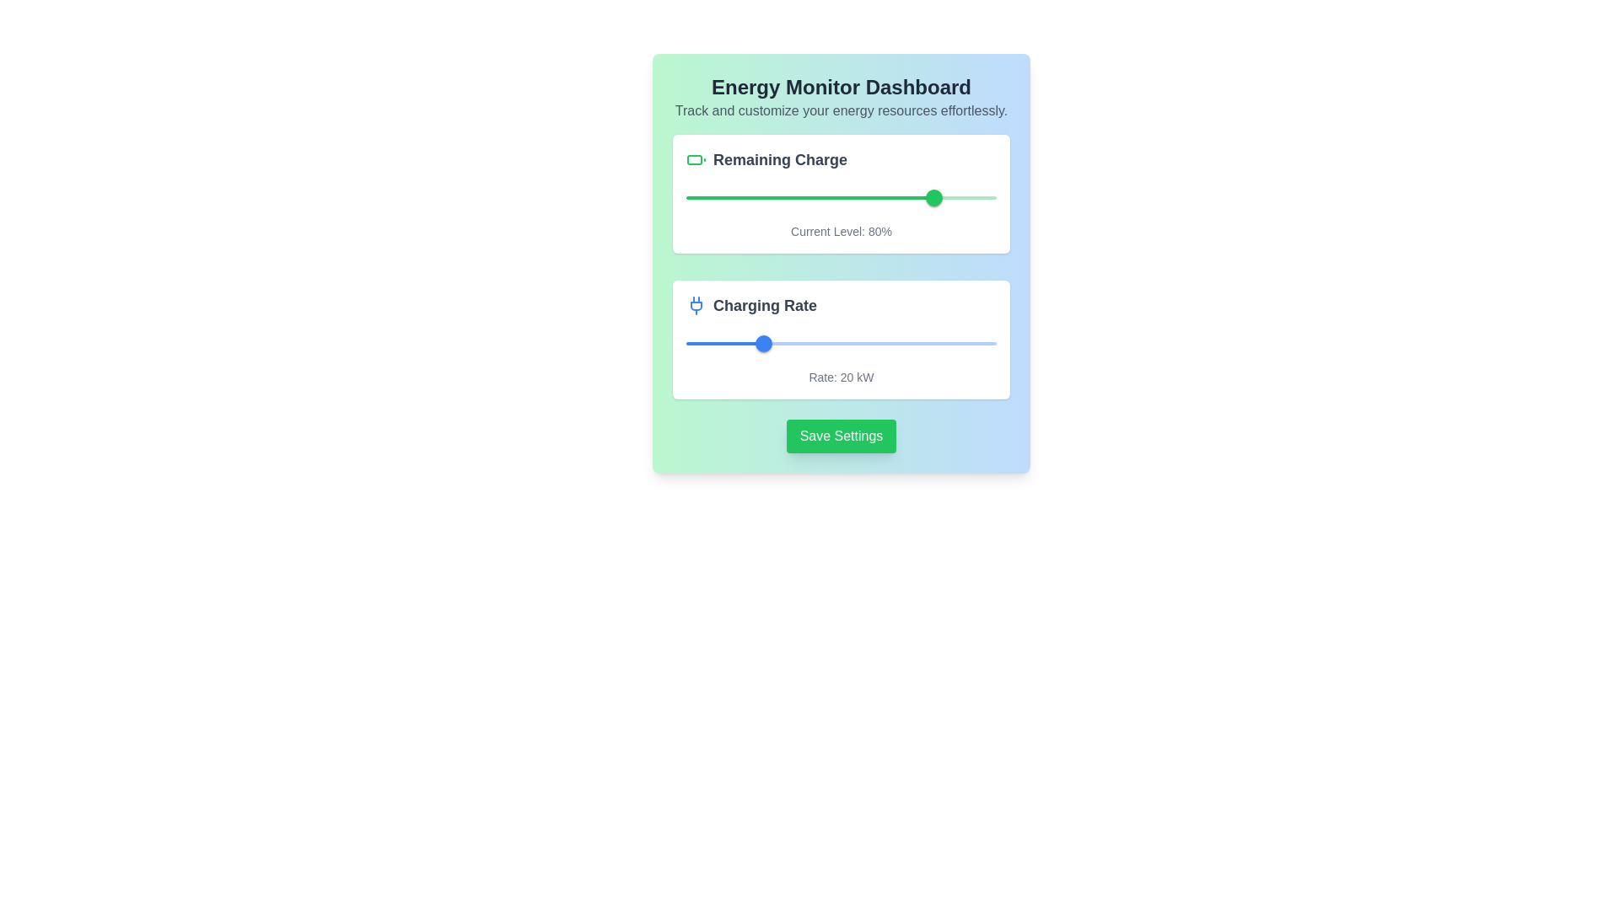 Image resolution: width=1619 pixels, height=910 pixels. What do you see at coordinates (689, 197) in the screenshot?
I see `slider value` at bounding box center [689, 197].